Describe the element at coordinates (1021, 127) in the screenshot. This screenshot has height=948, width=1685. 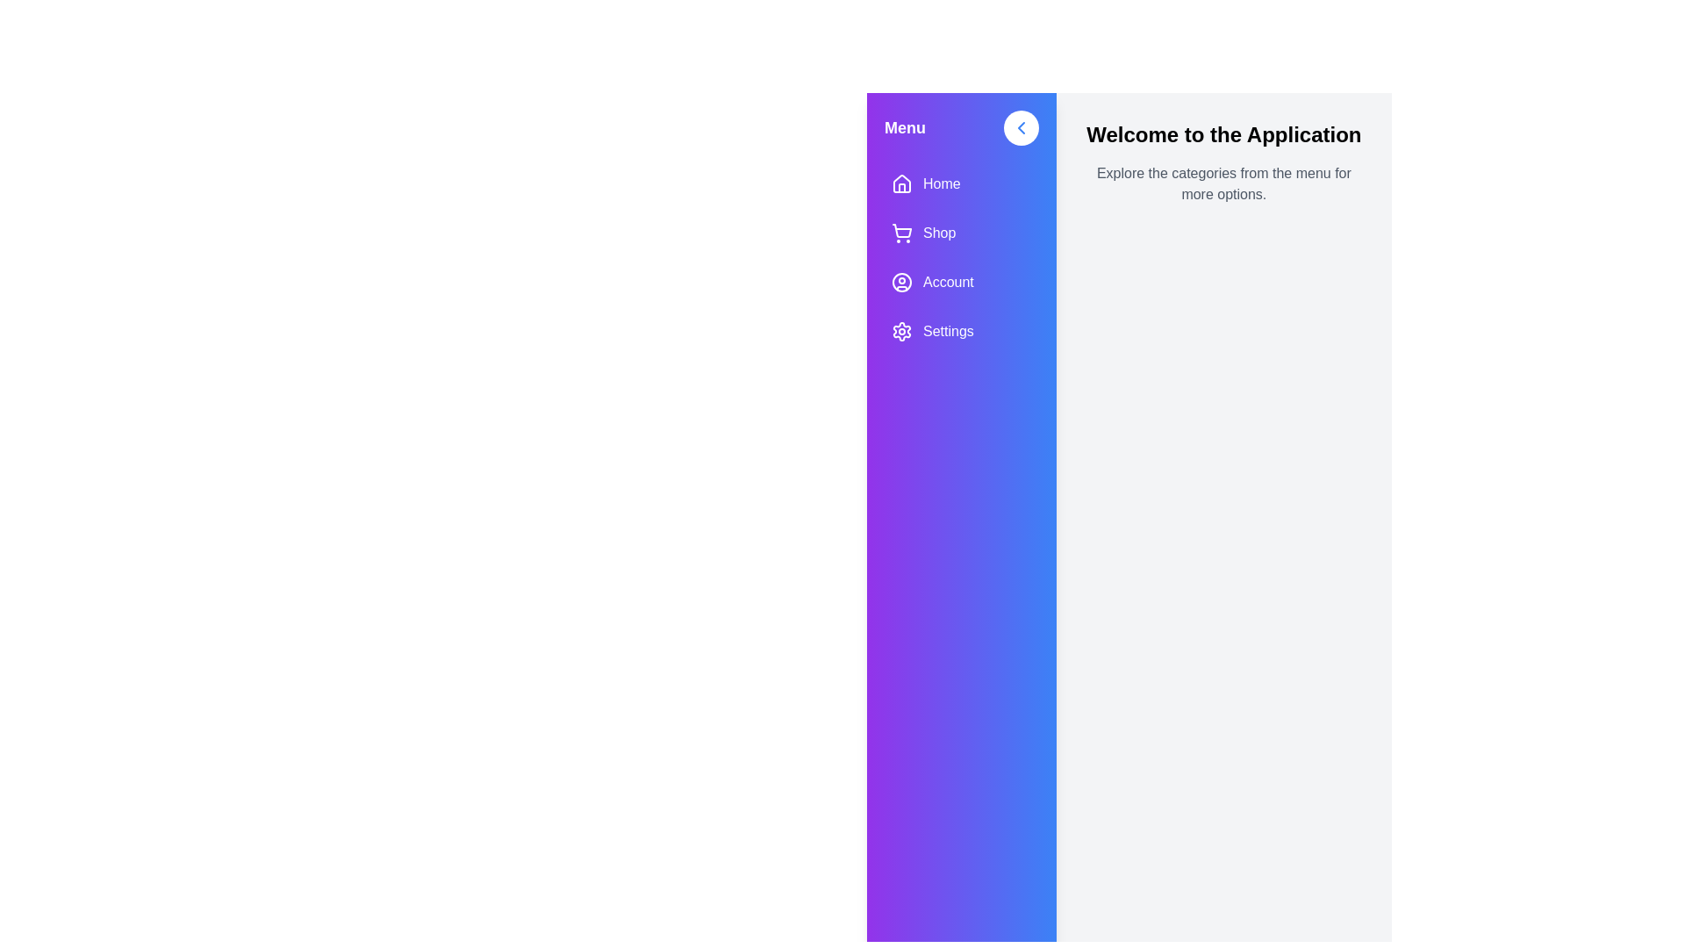
I see `the circular button with a white background and blue left-facing arrow icon, located near the top-right corner of the panel next to the 'Menu' text` at that location.